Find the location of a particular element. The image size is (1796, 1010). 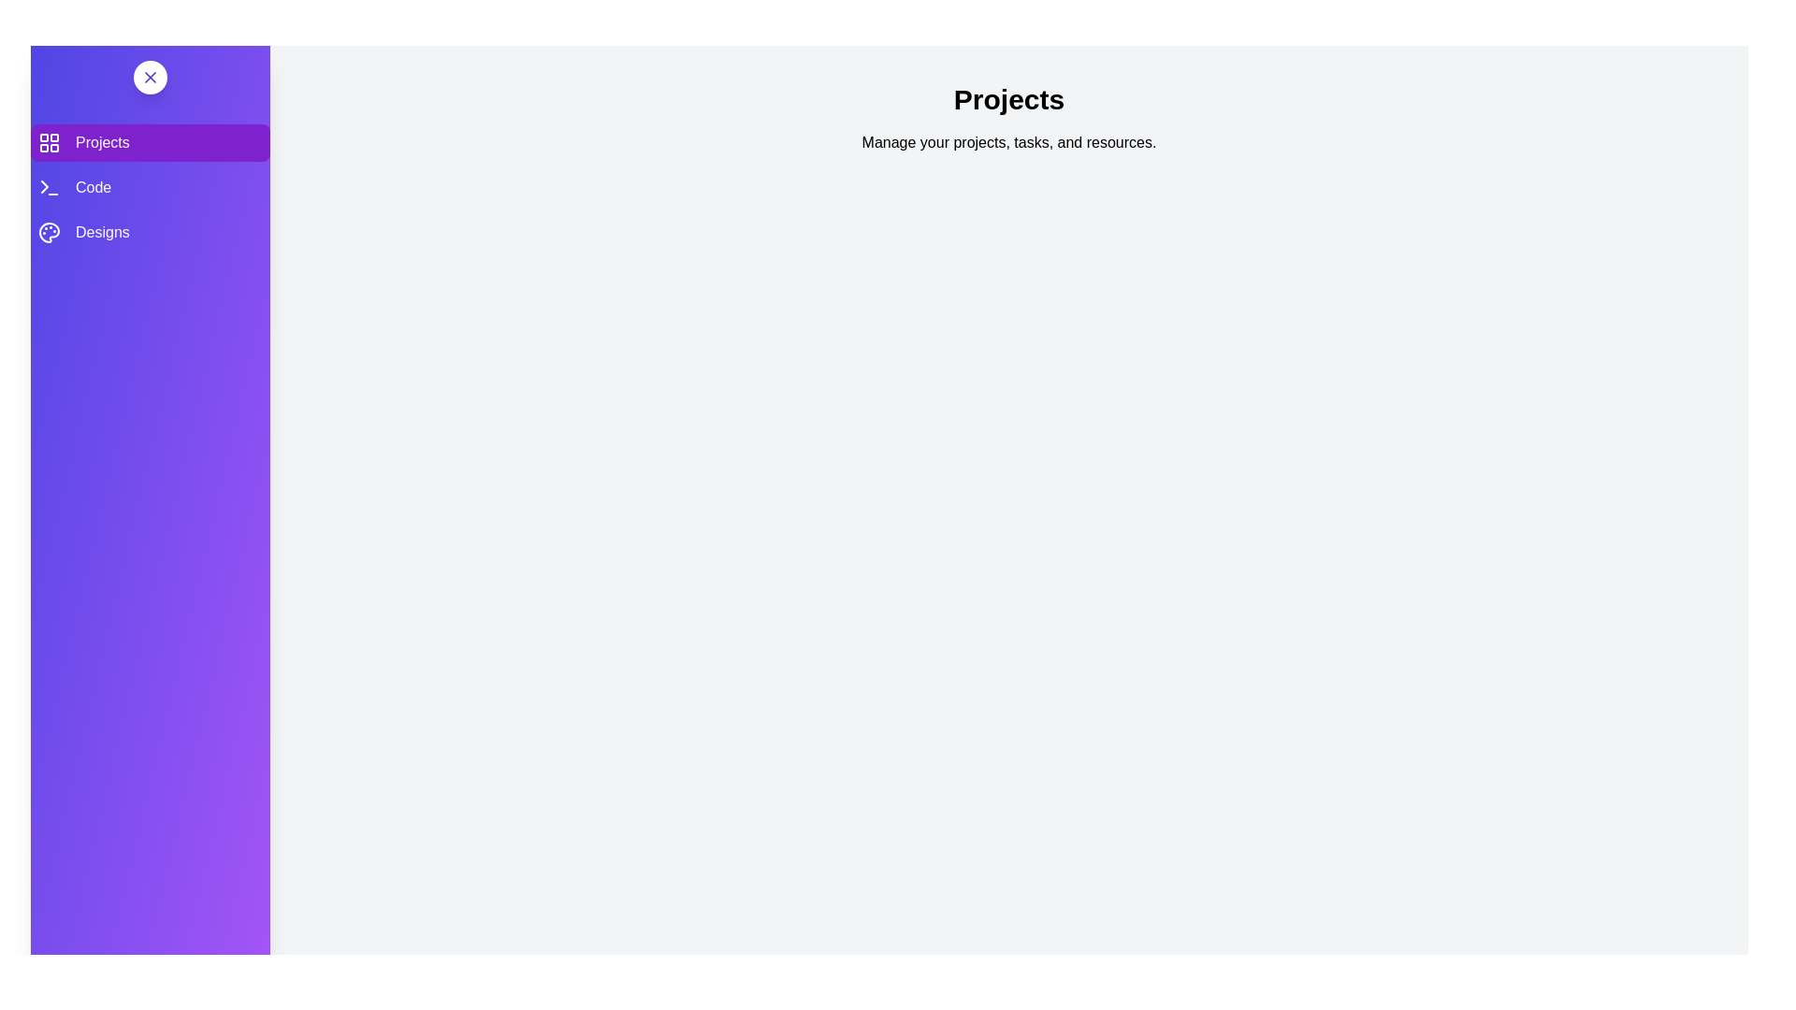

the tab labeled Designs to select it is located at coordinates (151, 232).